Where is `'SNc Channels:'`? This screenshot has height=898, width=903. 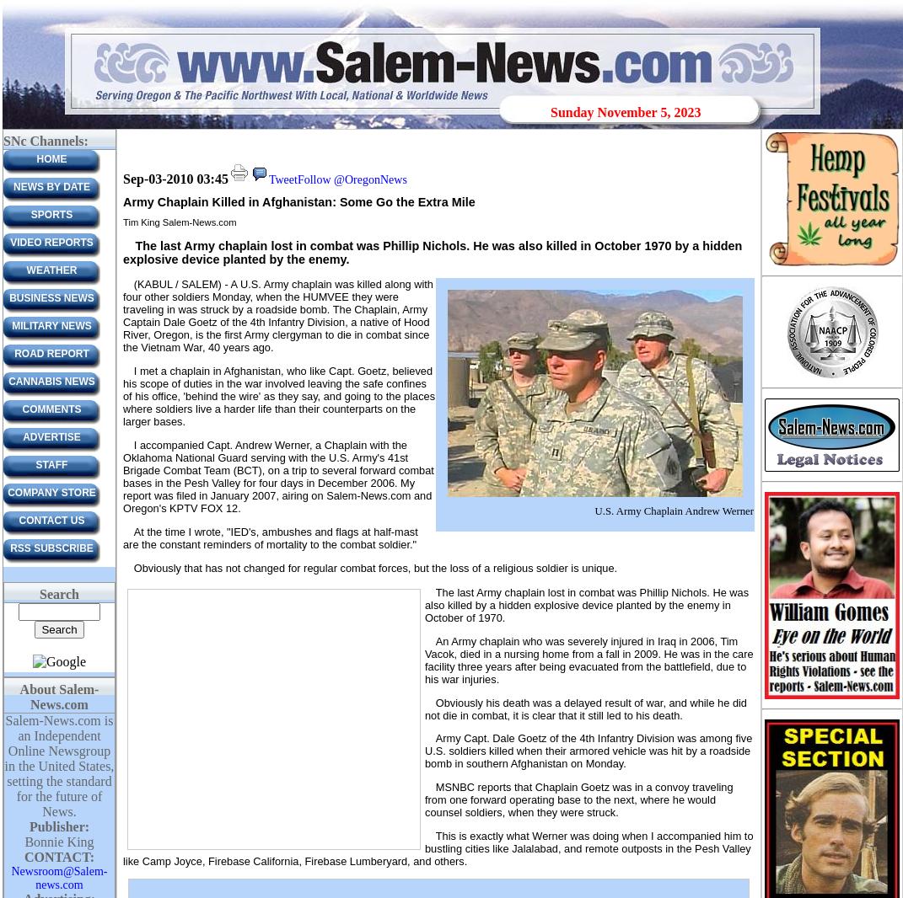 'SNc Channels:' is located at coordinates (44, 140).